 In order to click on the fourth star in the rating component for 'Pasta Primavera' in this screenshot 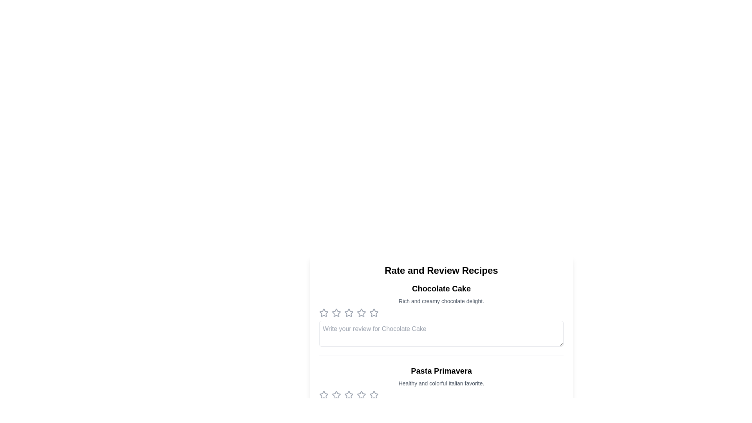, I will do `click(361, 395)`.